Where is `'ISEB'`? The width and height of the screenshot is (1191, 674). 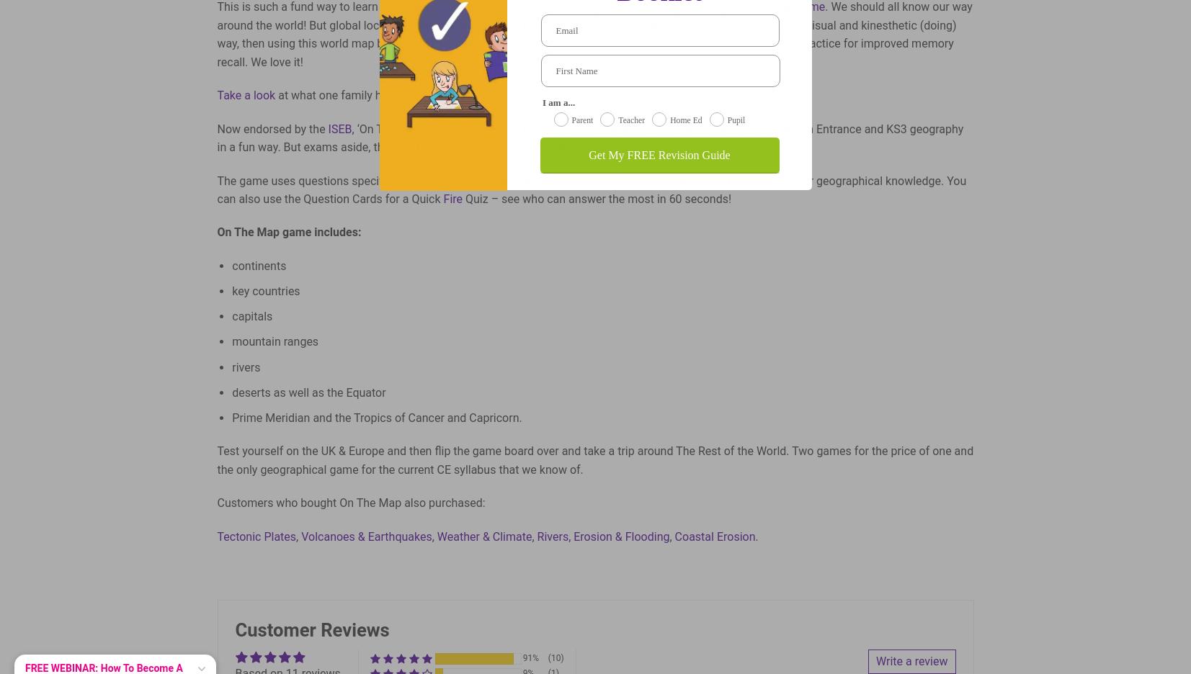
'ISEB' is located at coordinates (339, 127).